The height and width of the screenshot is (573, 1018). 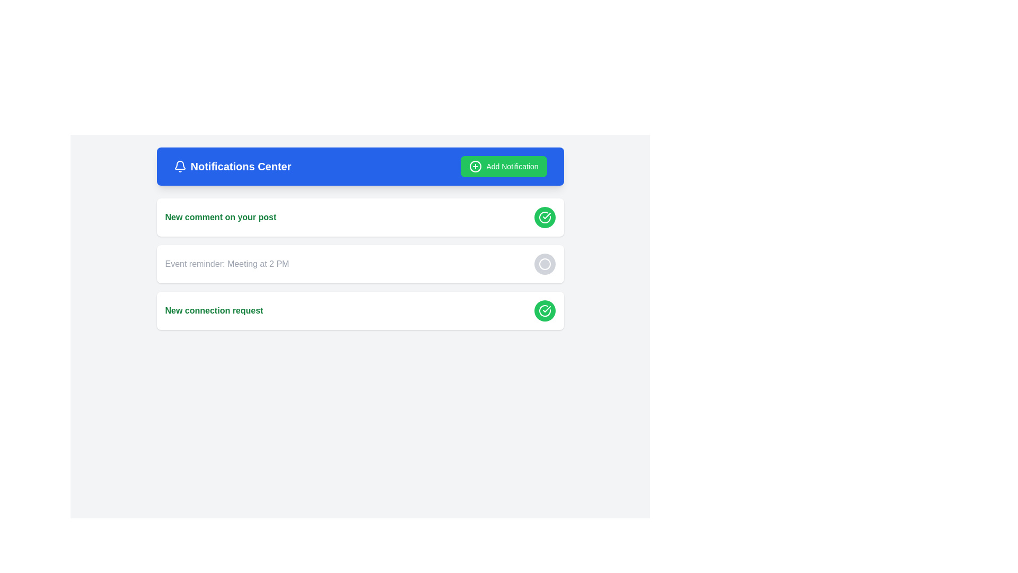 I want to click on notification message indicating a new comment on the user's post, which is the uppermost text in the Notifications Center section, so click(x=220, y=216).